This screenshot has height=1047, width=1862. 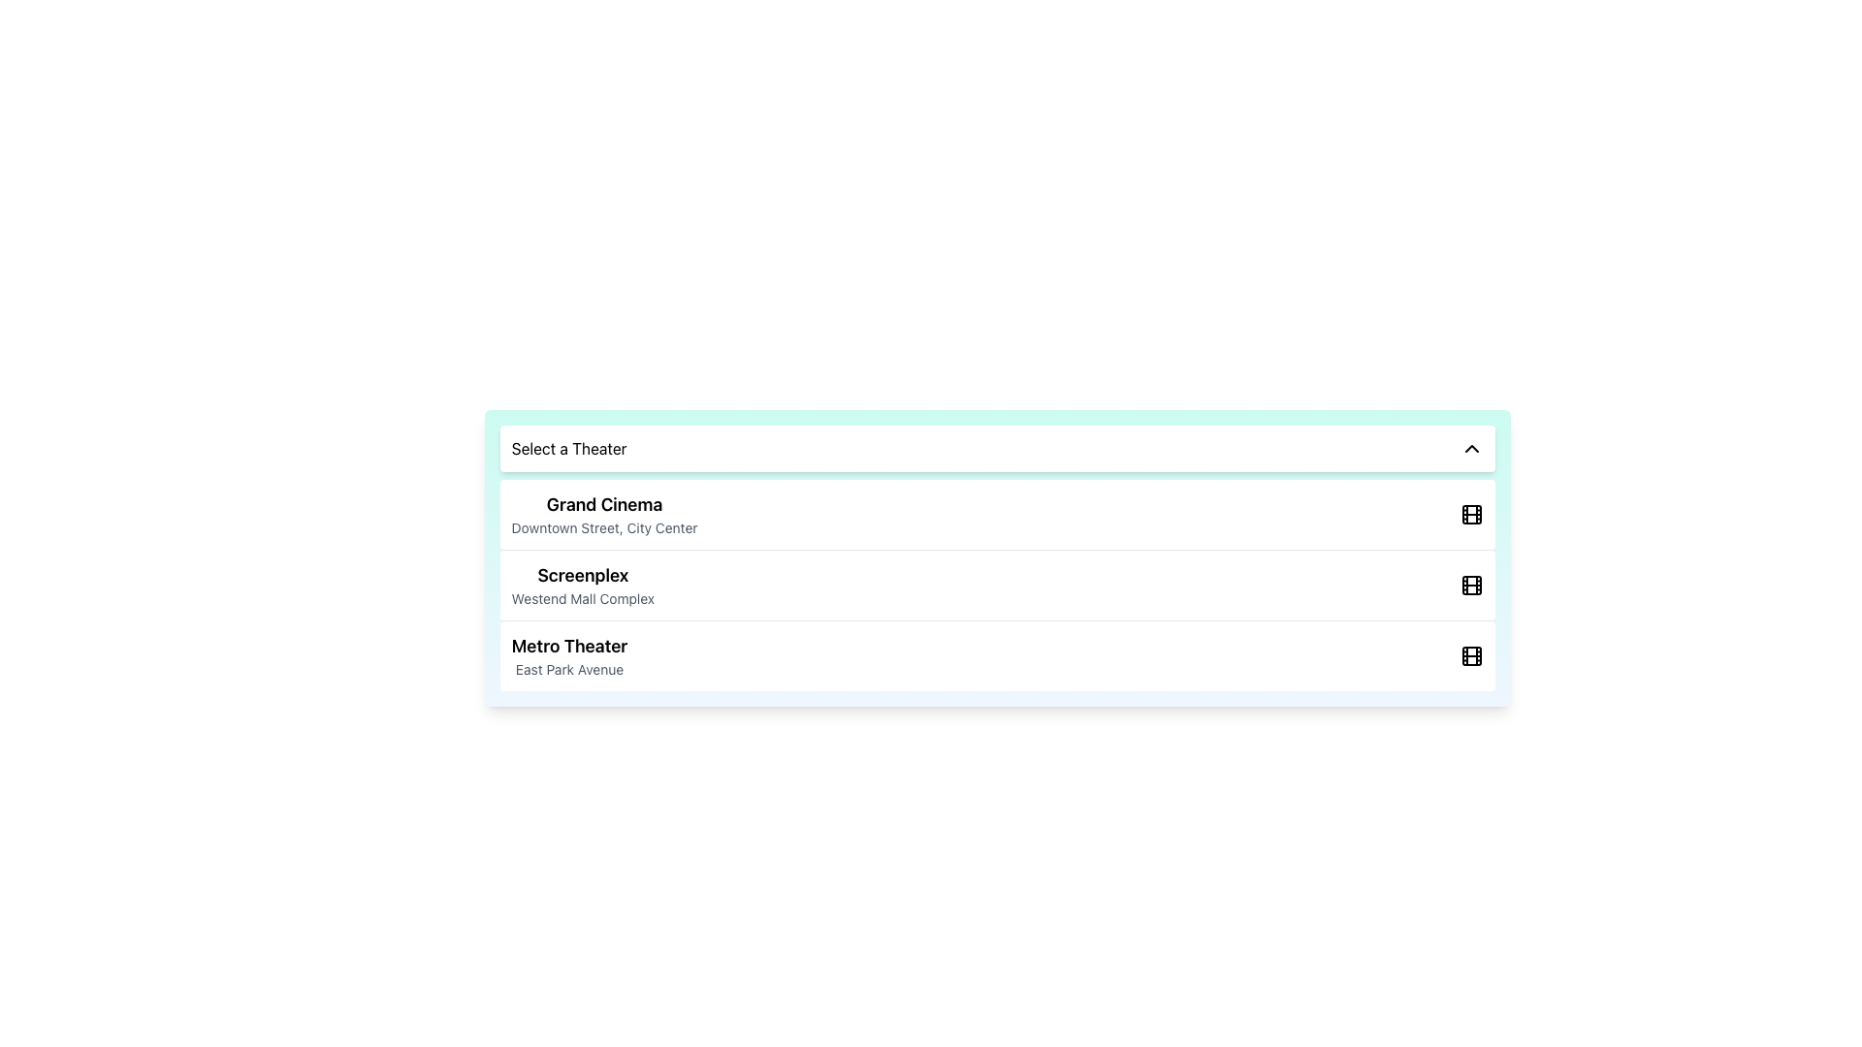 What do you see at coordinates (603, 503) in the screenshot?
I see `the theater title text label, which serves as an identifier for the theater's details in the dropdown menu` at bounding box center [603, 503].